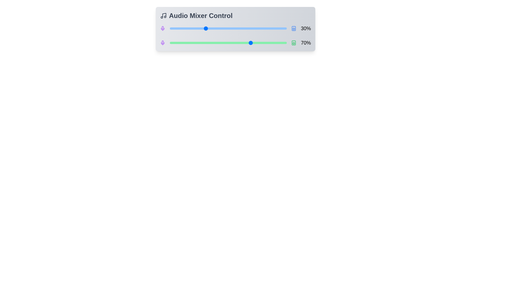 Image resolution: width=532 pixels, height=299 pixels. Describe the element at coordinates (191, 29) in the screenshot. I see `the slider` at that location.